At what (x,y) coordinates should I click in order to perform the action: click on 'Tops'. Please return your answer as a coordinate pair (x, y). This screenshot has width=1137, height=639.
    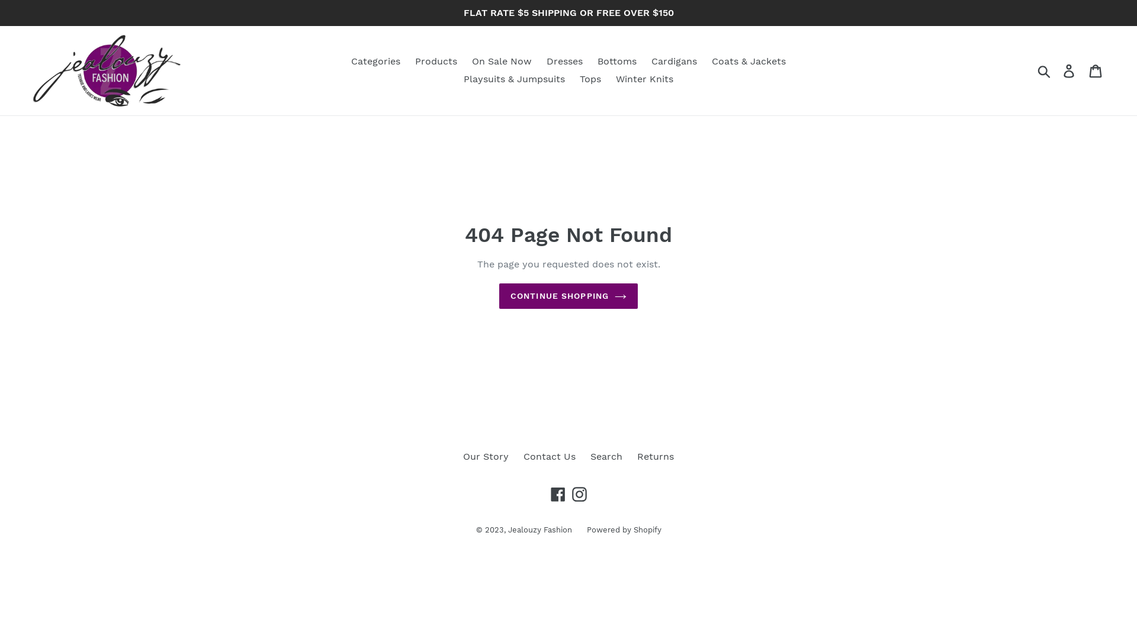
    Looking at the image, I should click on (590, 79).